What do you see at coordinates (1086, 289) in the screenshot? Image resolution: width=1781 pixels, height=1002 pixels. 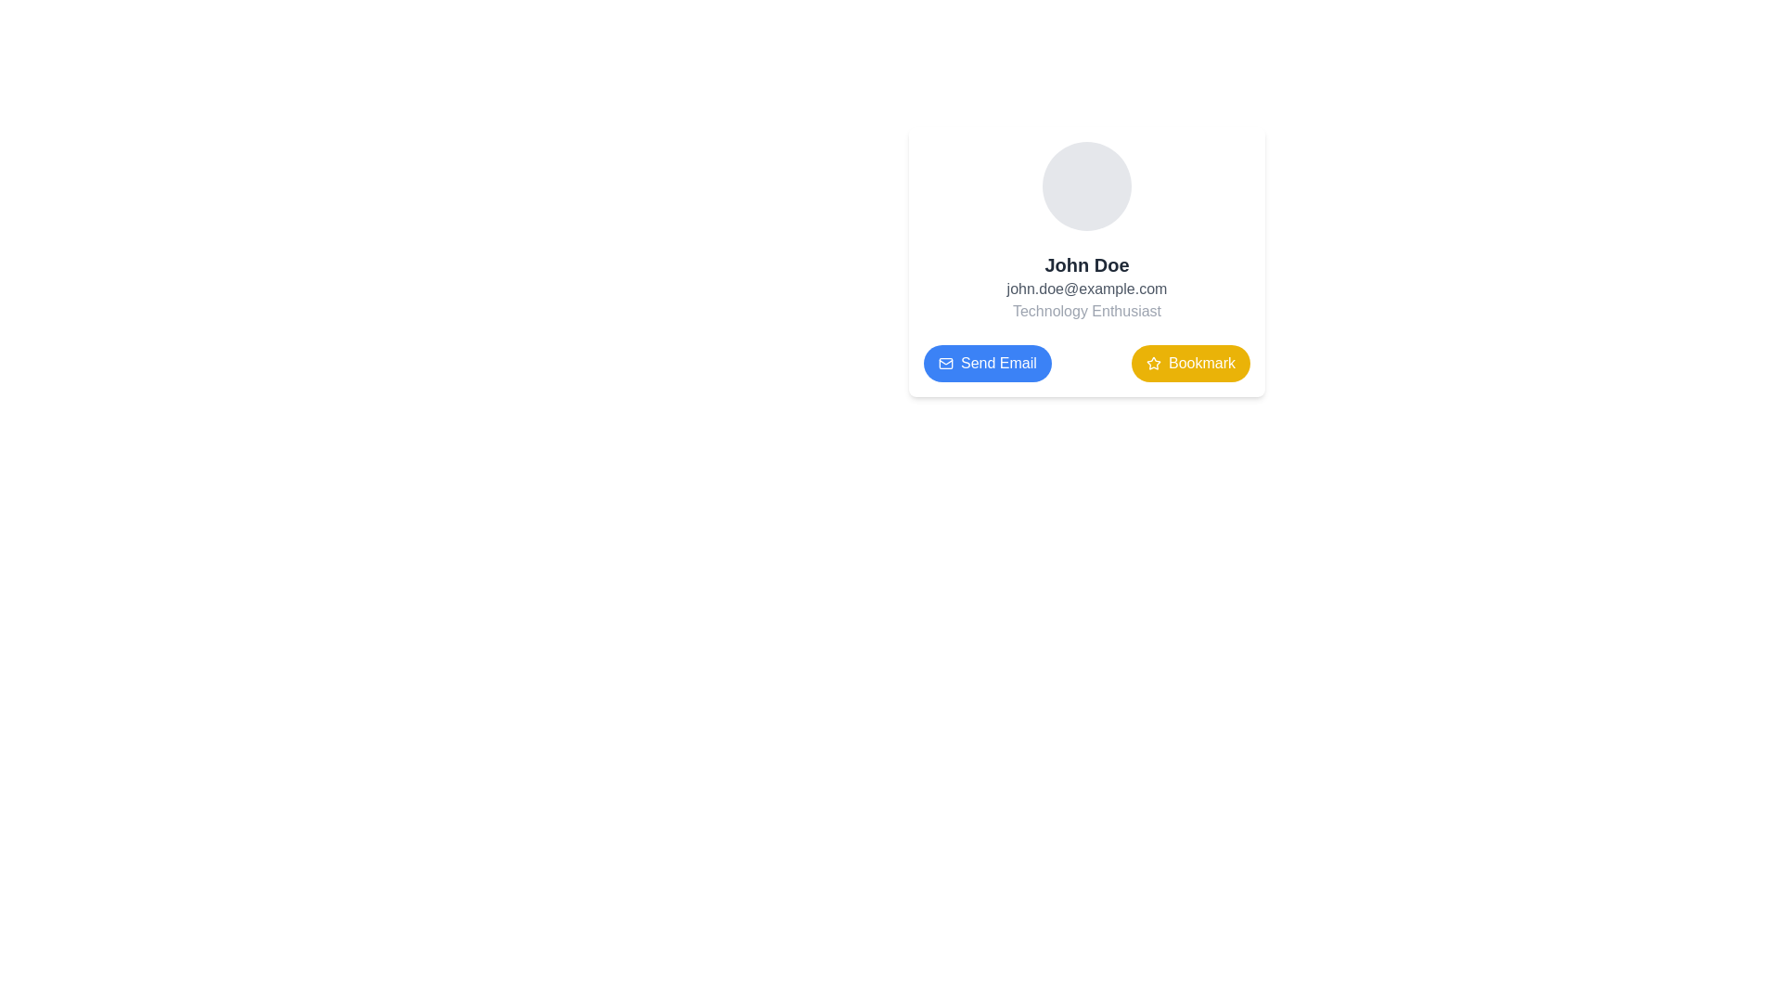 I see `the static text displaying the email address 'john.doe@example.com', which is styled in gray and positioned between 'John Doe' and 'Technology Enthusiast'` at bounding box center [1086, 289].